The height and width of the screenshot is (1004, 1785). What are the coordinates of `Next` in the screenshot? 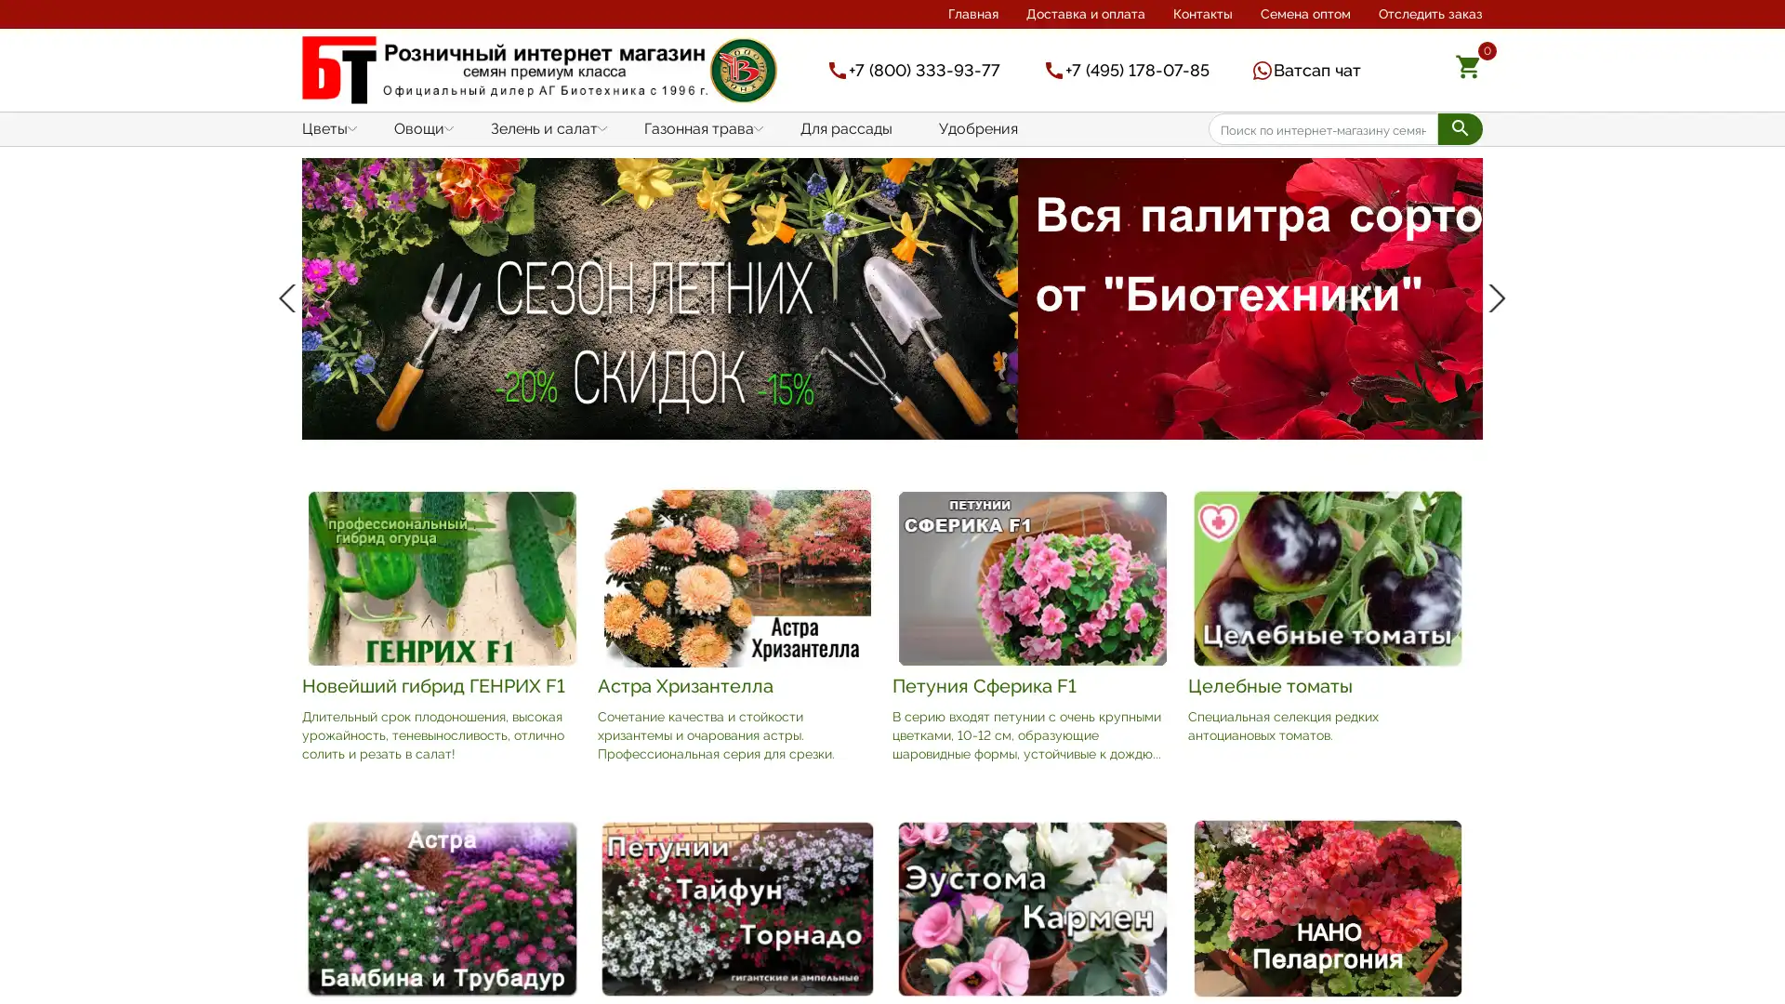 It's located at (1493, 389).